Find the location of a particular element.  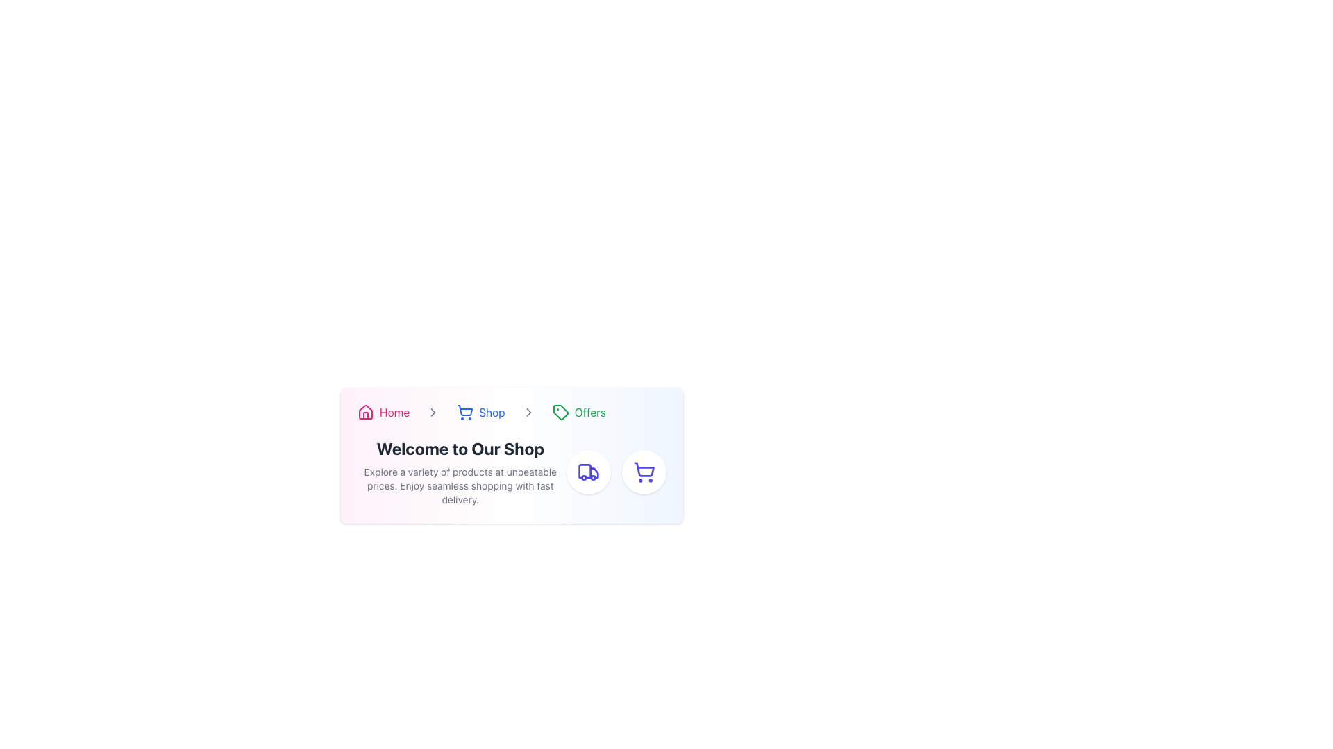

the blue shopping cart icon located to the left of the 'Shop' text in the breadcrumb navigation bar to trigger tooltips or effects is located at coordinates (465, 411).